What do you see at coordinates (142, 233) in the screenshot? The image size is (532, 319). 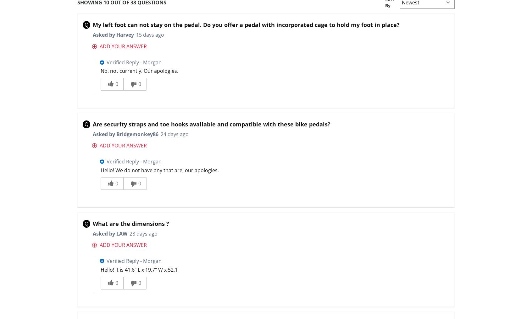 I see `'28 days ago'` at bounding box center [142, 233].